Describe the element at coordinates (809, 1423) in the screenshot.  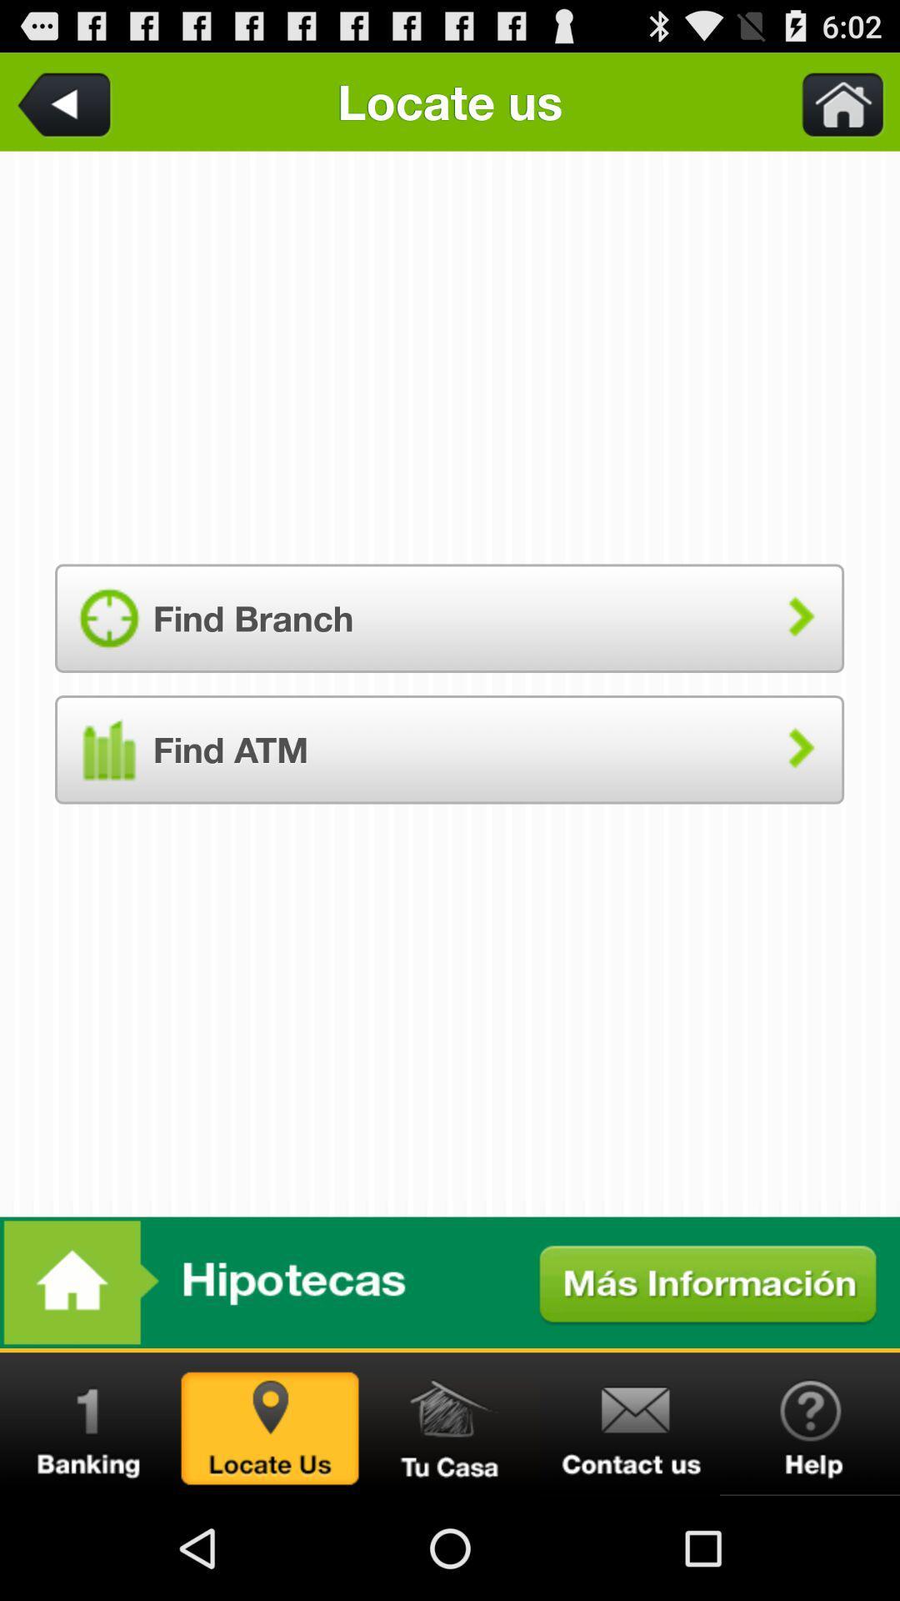
I see `help` at that location.